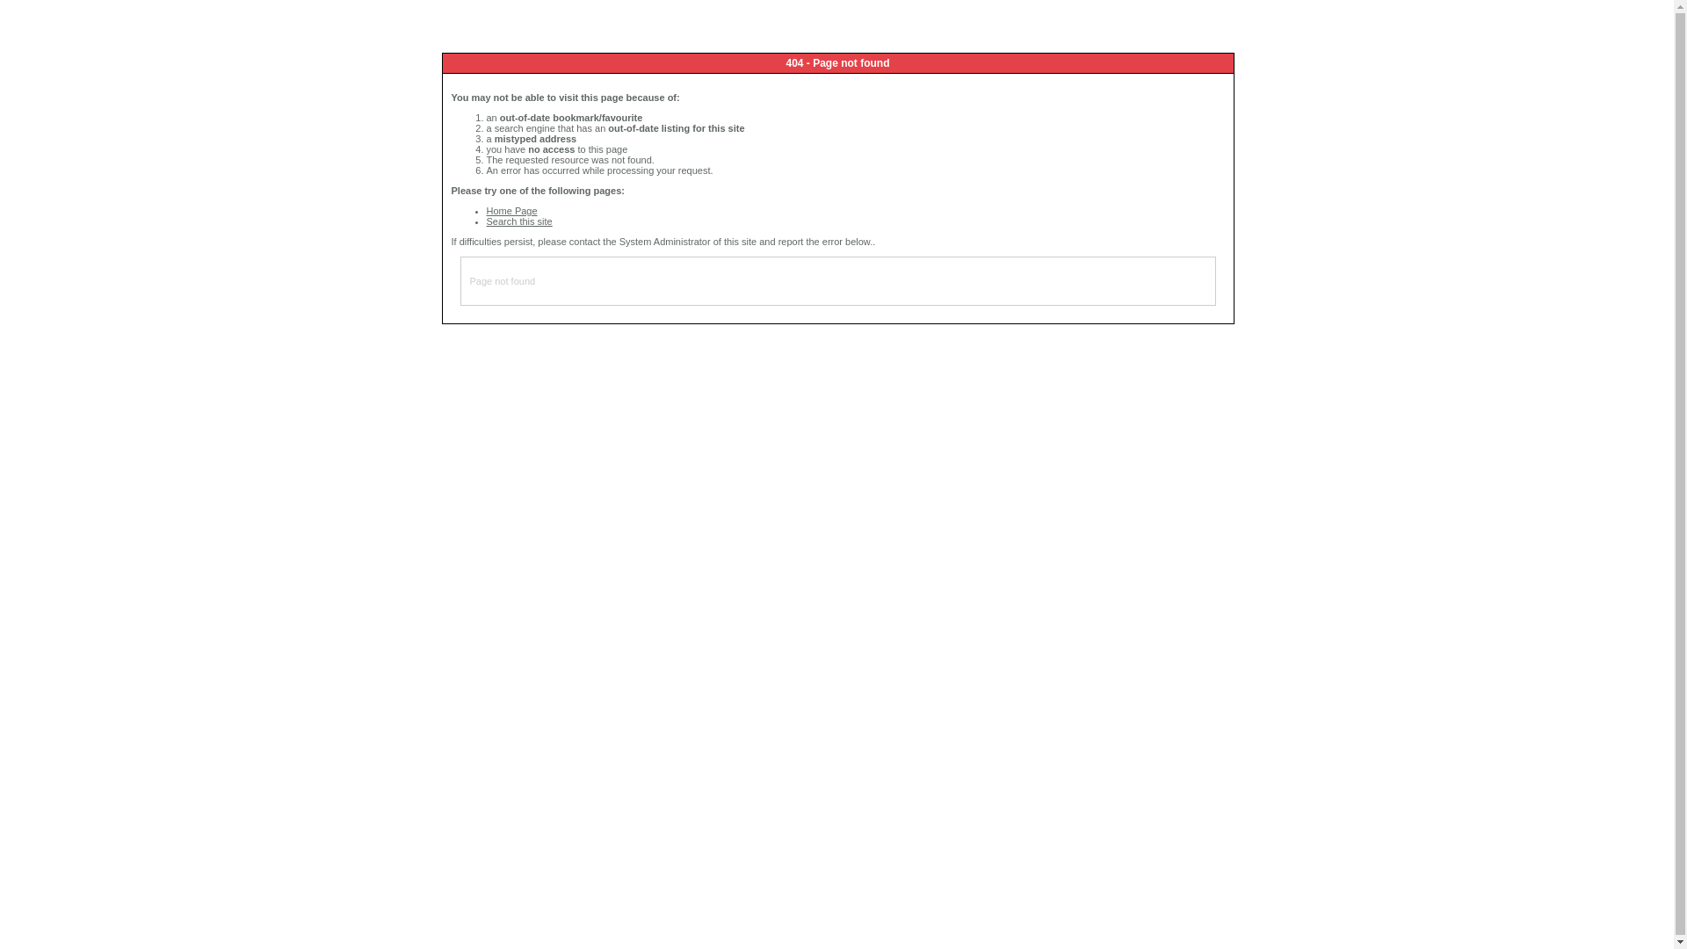 This screenshot has height=949, width=1687. I want to click on 'Search this site', so click(518, 220).